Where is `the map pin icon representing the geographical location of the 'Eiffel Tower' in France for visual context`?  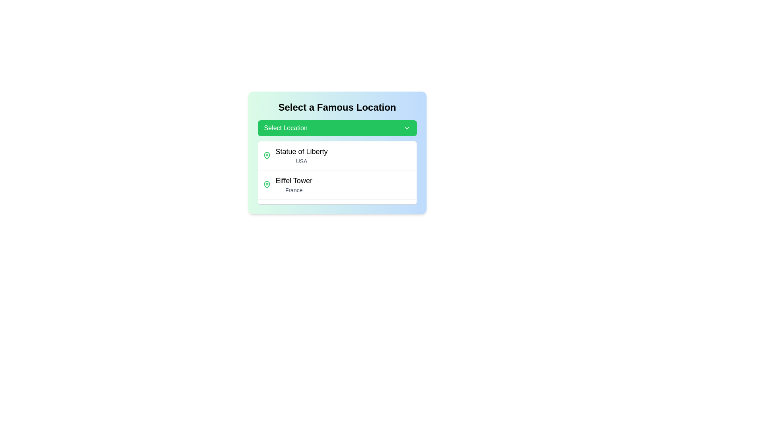
the map pin icon representing the geographical location of the 'Eiffel Tower' in France for visual context is located at coordinates (267, 155).